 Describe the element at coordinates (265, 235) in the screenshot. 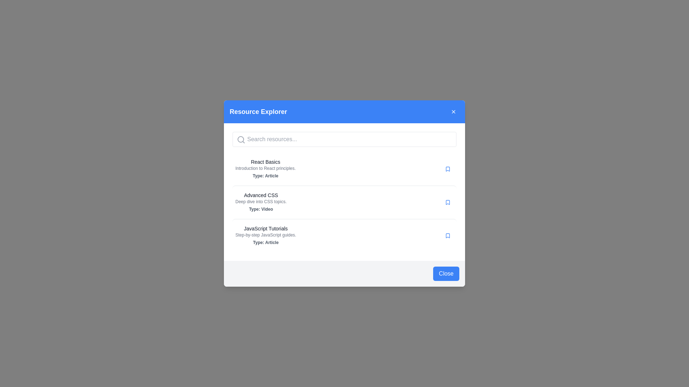

I see `text label that displays 'Step-by-step JavaScript guides.' located directly beneath the title 'JavaScript Tutorials' in the resource panel` at that location.